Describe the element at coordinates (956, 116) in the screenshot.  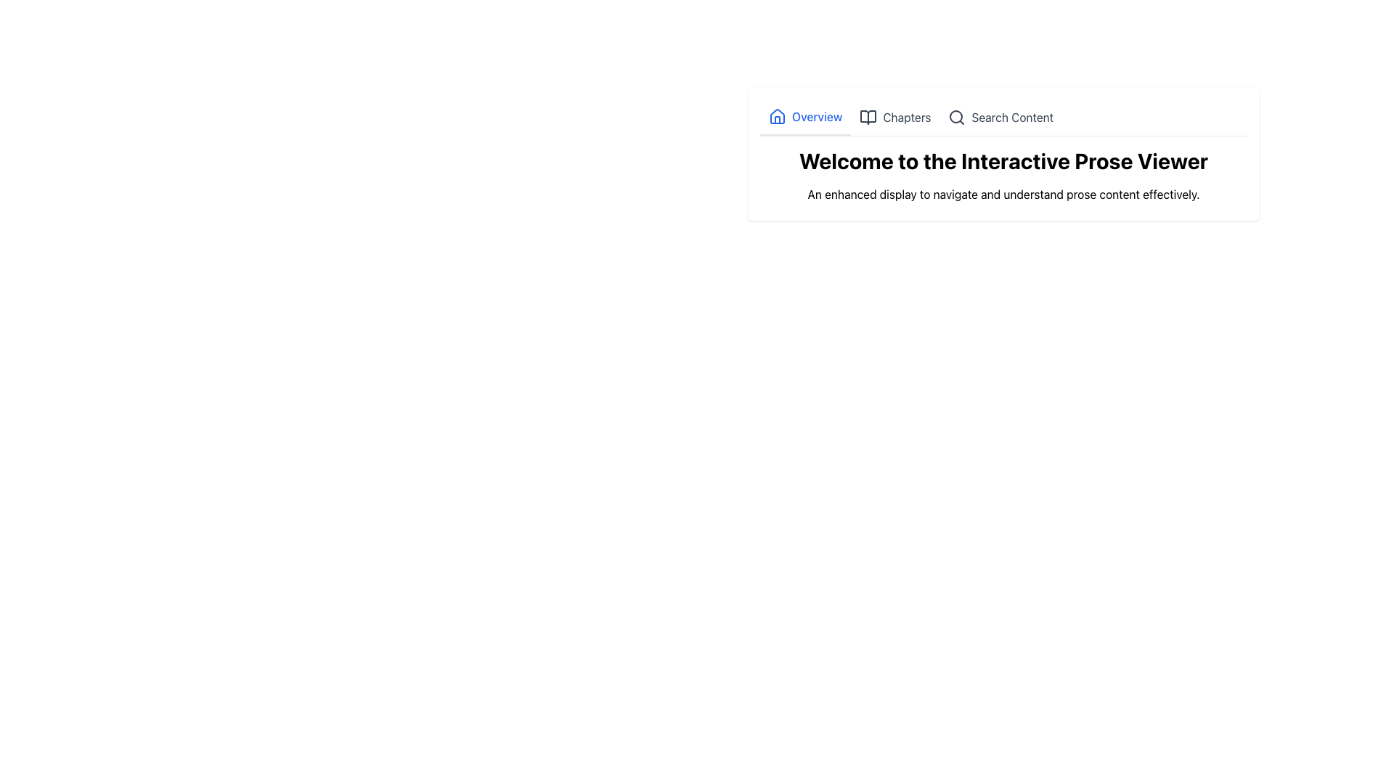
I see `the circular part of the magnifying glass icon within the 'Search Content' tab to initiate the search functionality` at that location.